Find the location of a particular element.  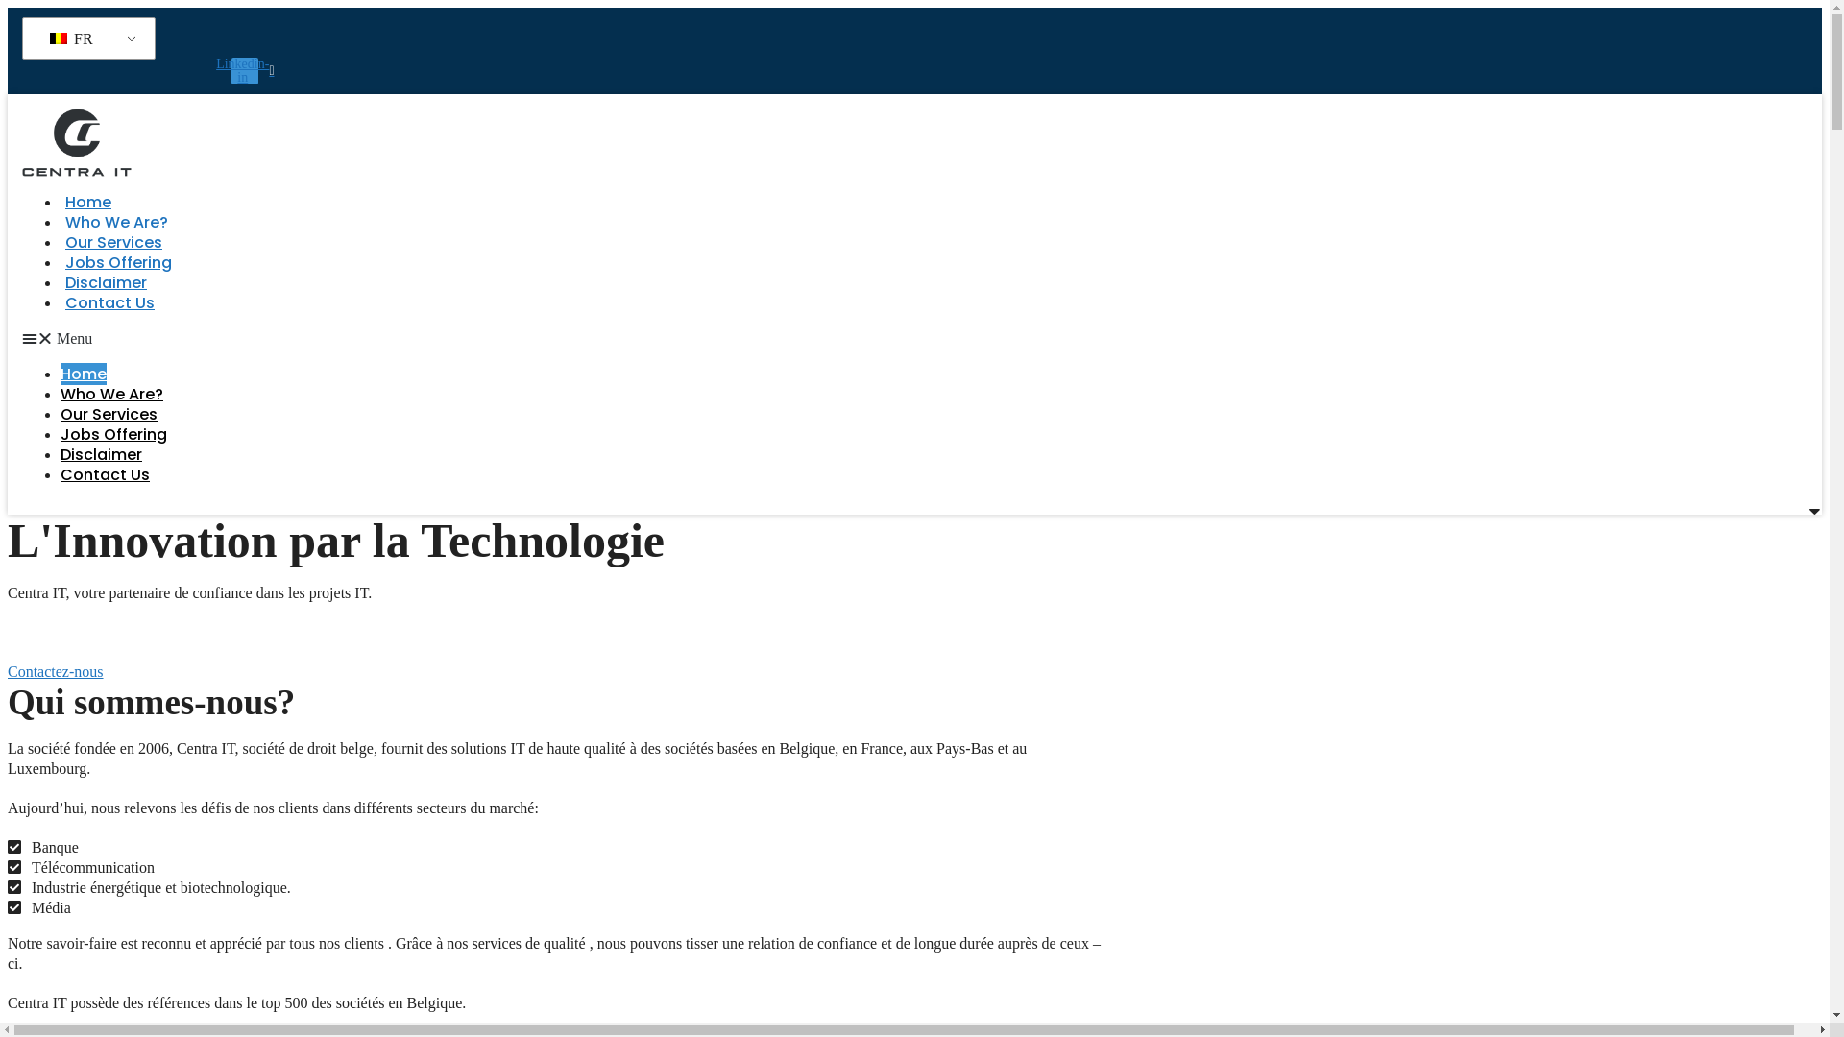

'Linkedin-in' is located at coordinates (230, 69).